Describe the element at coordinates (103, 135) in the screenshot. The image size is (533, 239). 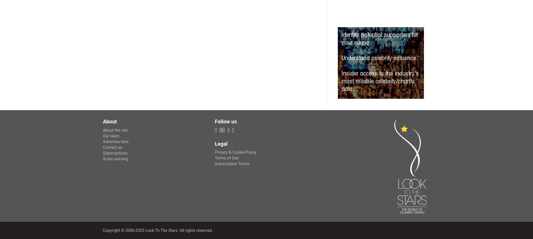
I see `'Our team'` at that location.